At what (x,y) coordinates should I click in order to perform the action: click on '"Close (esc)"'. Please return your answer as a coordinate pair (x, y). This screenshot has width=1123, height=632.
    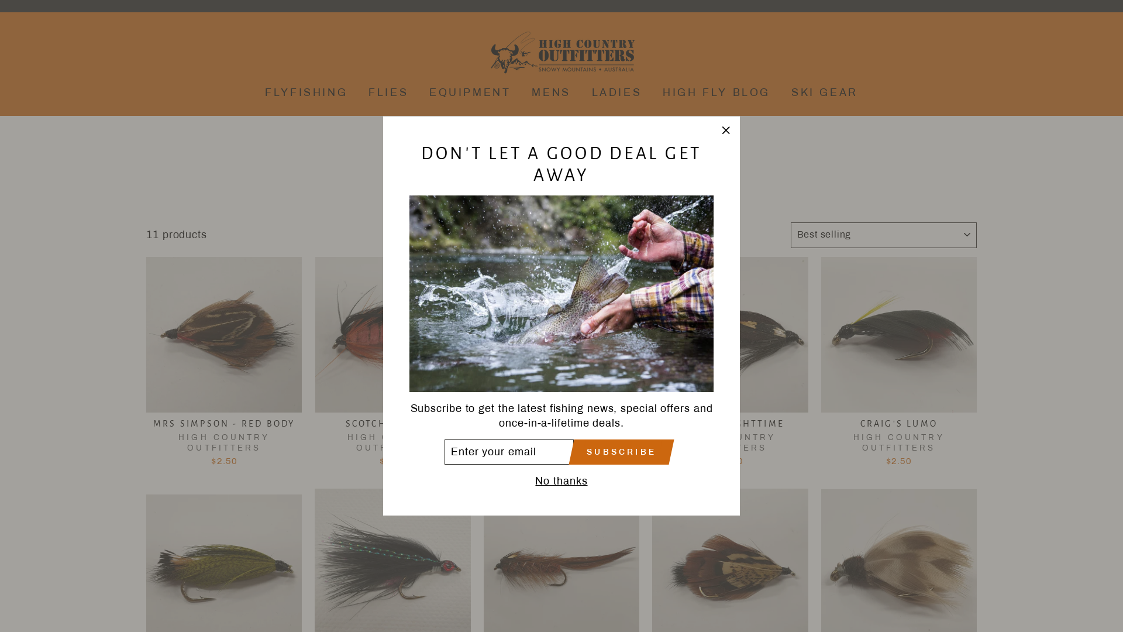
    Looking at the image, I should click on (725, 130).